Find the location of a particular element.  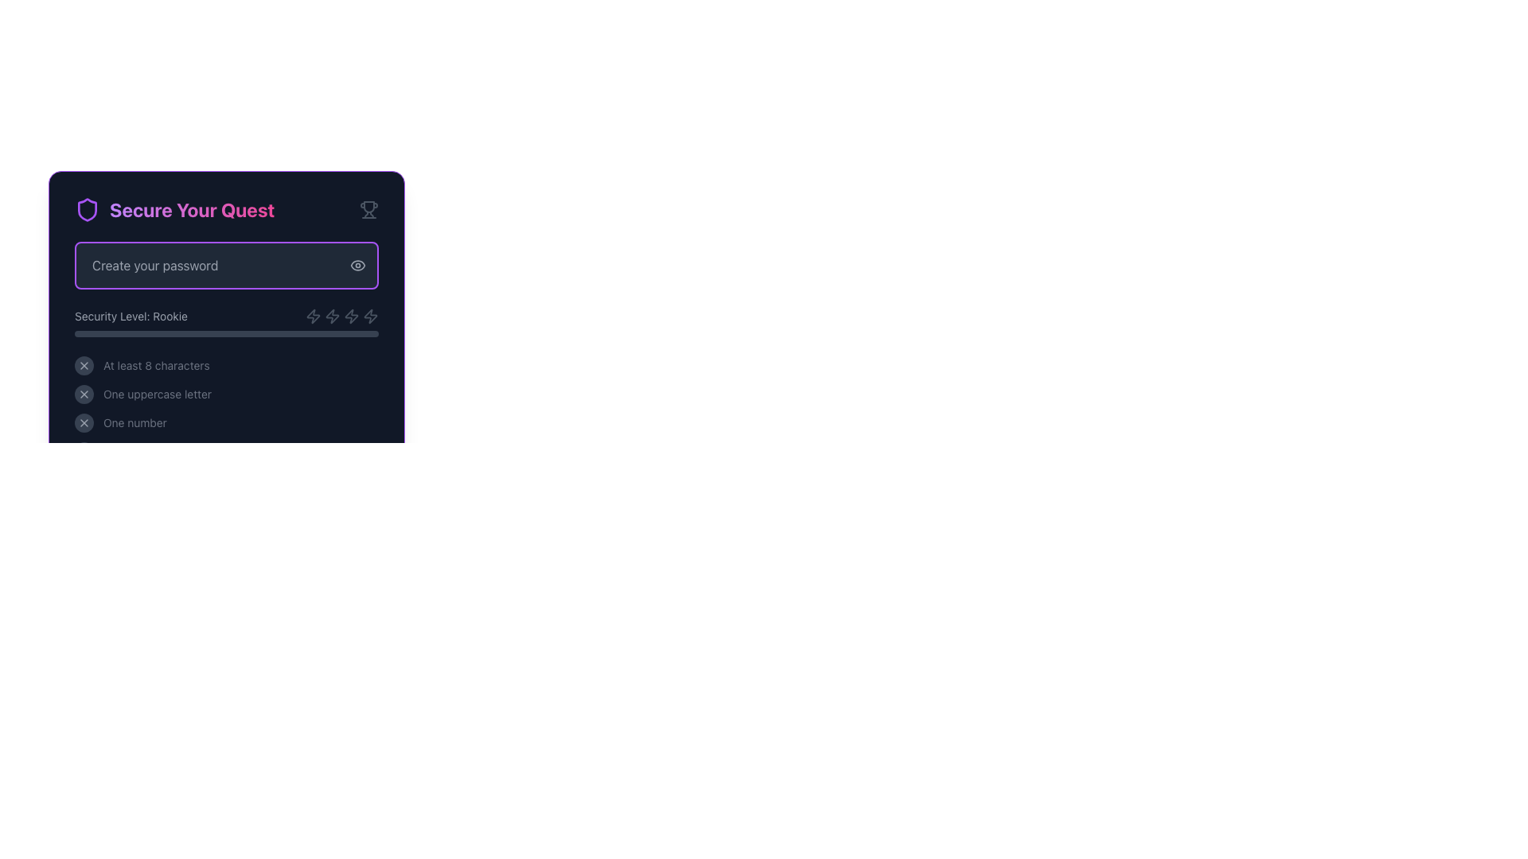

the shield-shaped icon with a purple outline located in the upper-left corner next to the header text 'Secure Your Quest' is located at coordinates (87, 208).